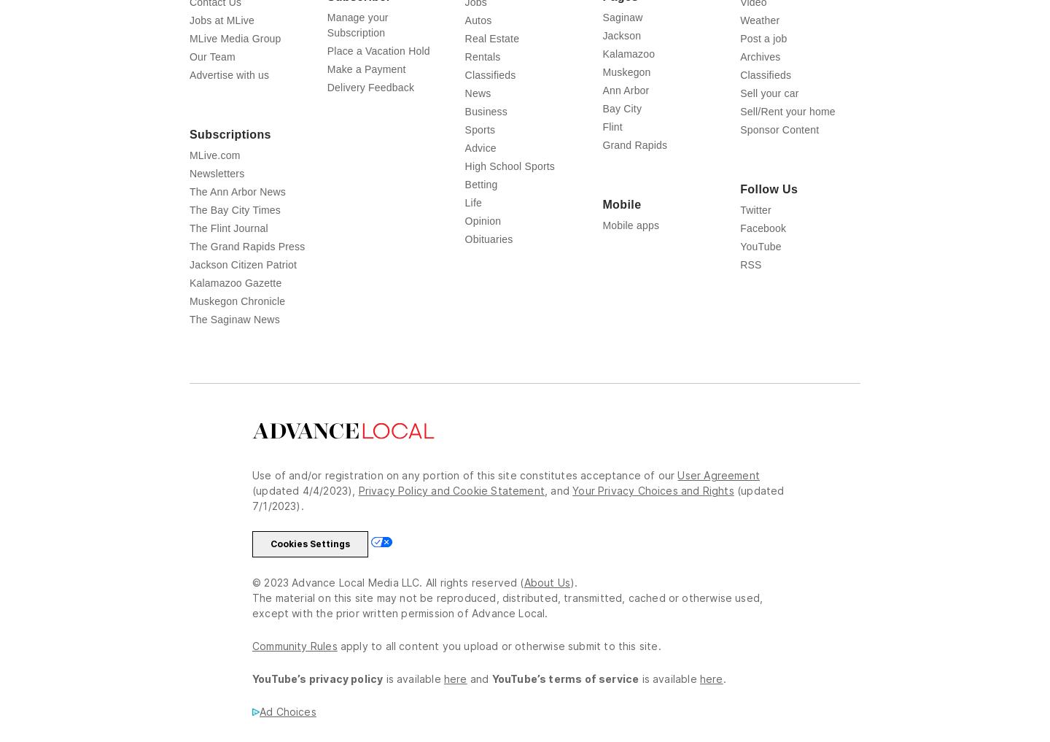 Image resolution: width=1050 pixels, height=742 pixels. Describe the element at coordinates (211, 57) in the screenshot. I see `'Our Team'` at that location.